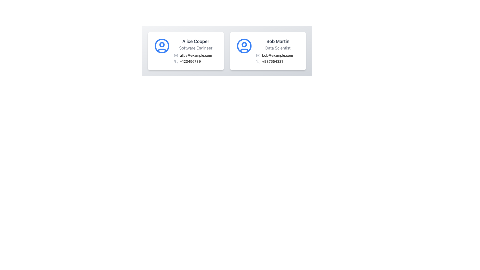 This screenshot has height=270, width=480. Describe the element at coordinates (258, 55) in the screenshot. I see `the rectangular base of the envelope icon, which is styled with a stroke and a fill, located to the left of the text 'Bob Martin' and 'bob@example.com'` at that location.